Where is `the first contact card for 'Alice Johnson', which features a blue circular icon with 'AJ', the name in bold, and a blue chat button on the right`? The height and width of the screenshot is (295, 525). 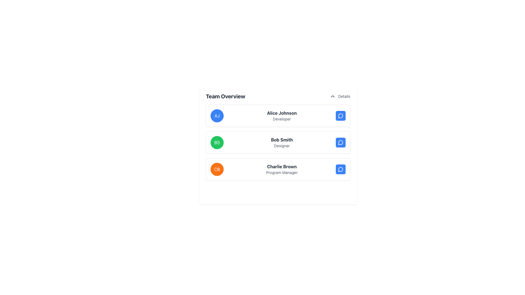
the first contact card for 'Alice Johnson', which features a blue circular icon with 'AJ', the name in bold, and a blue chat button on the right is located at coordinates (278, 116).